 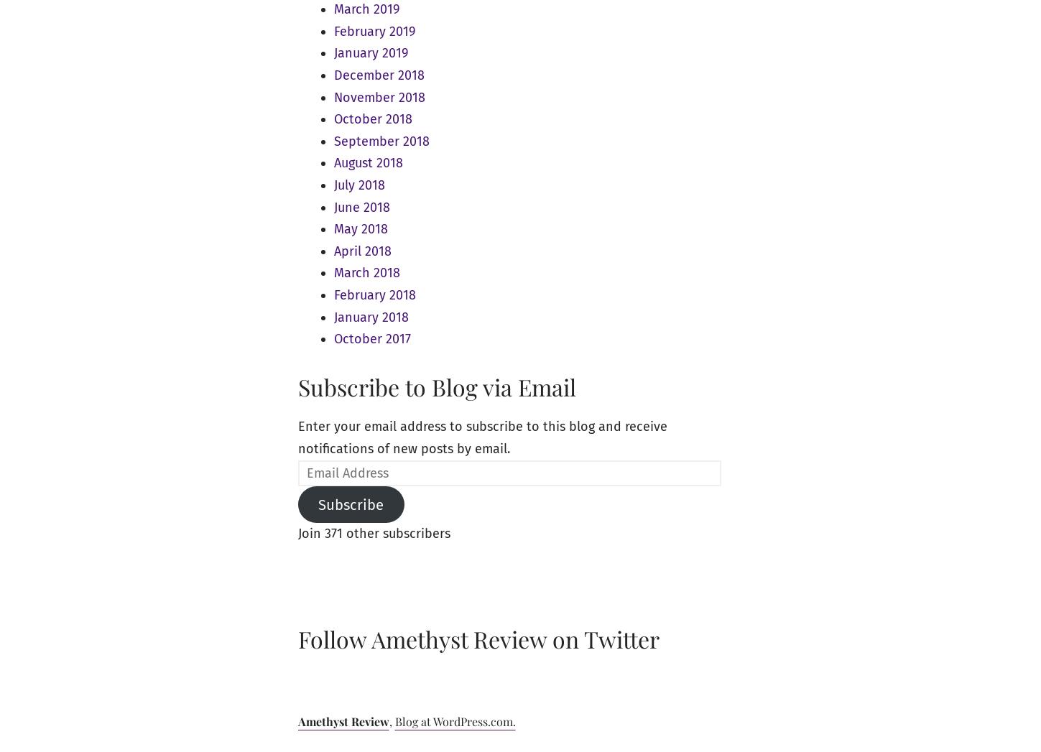 I want to click on 'June 2018', so click(x=361, y=206).